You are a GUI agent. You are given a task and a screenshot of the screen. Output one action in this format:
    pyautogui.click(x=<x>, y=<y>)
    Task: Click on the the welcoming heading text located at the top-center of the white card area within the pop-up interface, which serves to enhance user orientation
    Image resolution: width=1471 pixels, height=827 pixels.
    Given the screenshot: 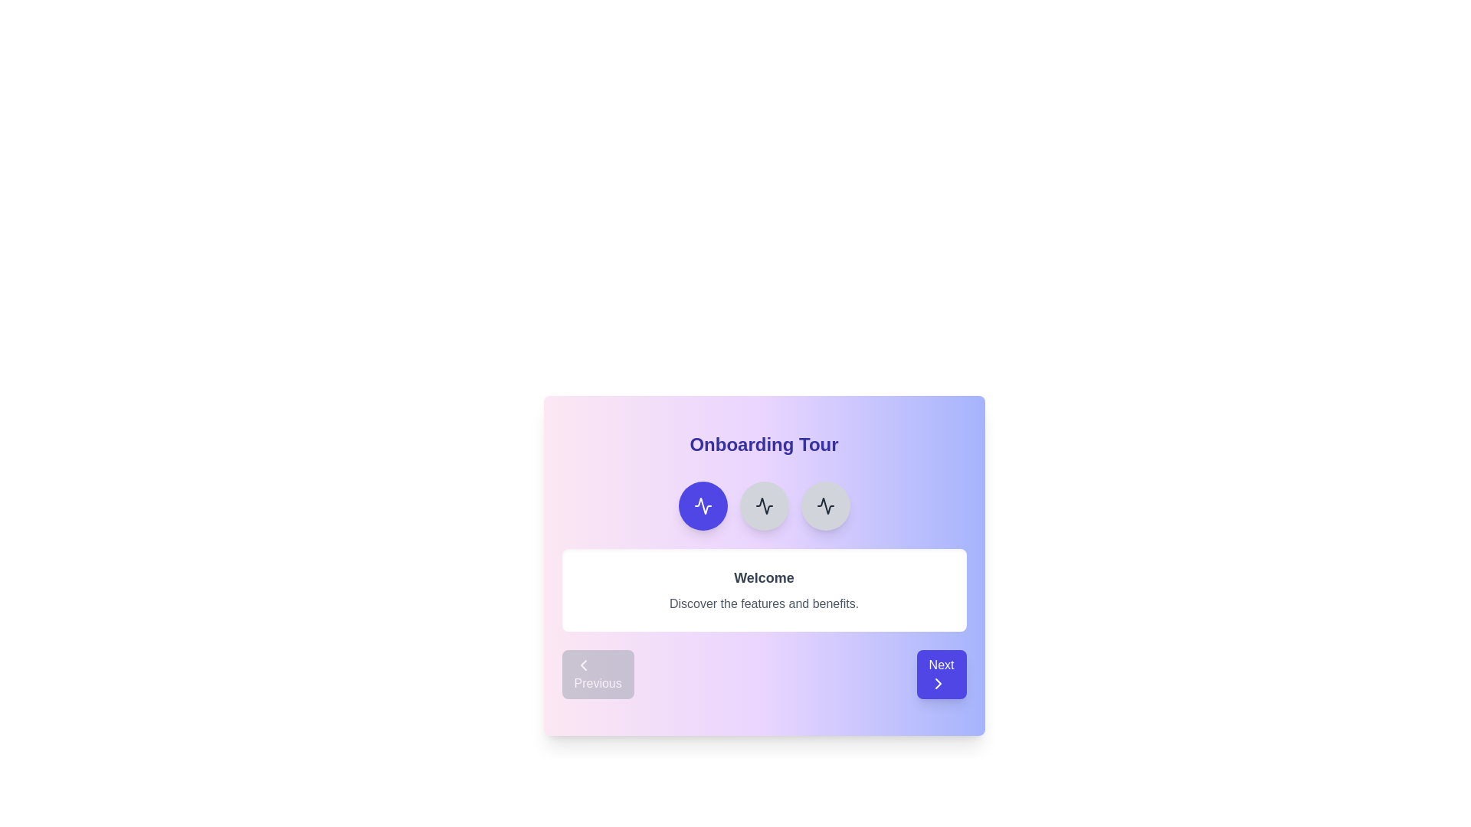 What is the action you would take?
    pyautogui.click(x=764, y=578)
    